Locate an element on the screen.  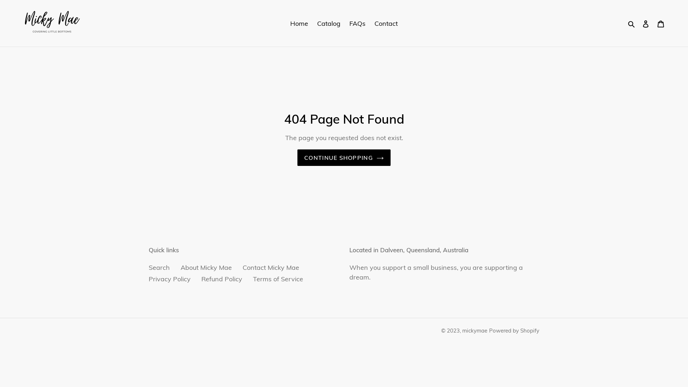
'mickymae' is located at coordinates (474, 330).